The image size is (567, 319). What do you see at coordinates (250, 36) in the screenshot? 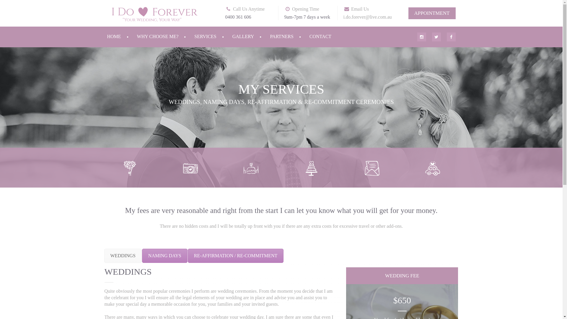
I see `'GALLERY'` at bounding box center [250, 36].